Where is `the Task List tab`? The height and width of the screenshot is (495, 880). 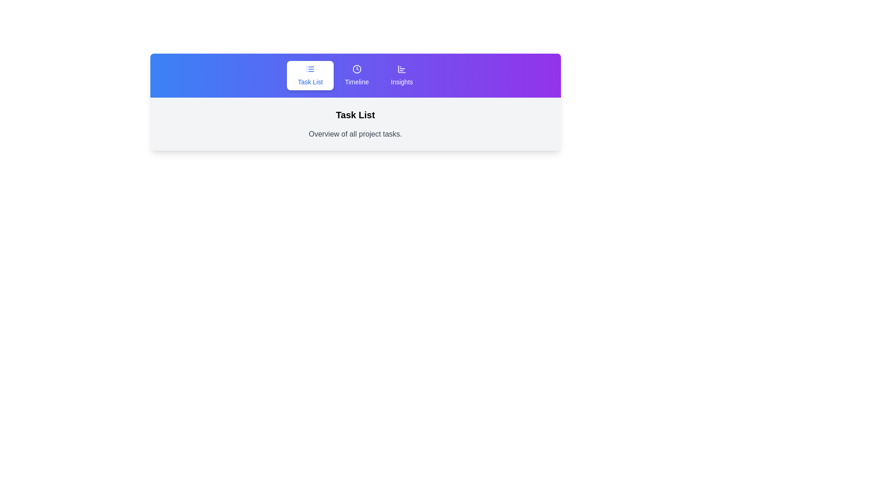 the Task List tab is located at coordinates (310, 75).